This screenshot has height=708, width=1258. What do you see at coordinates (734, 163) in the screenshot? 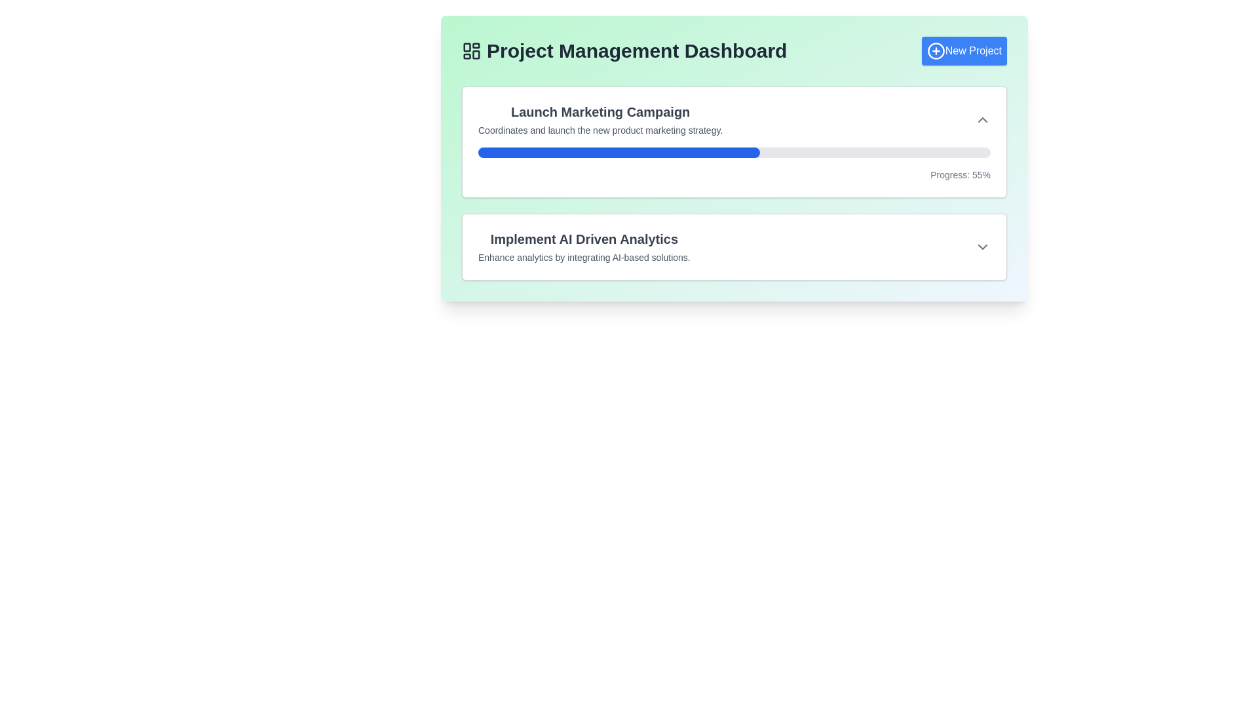
I see `the progress bar that visually represents 55% progress related to the 'Launch Marketing Campaign' task, located in the lower section of a white, bordered, and shadowed rectangular card` at bounding box center [734, 163].